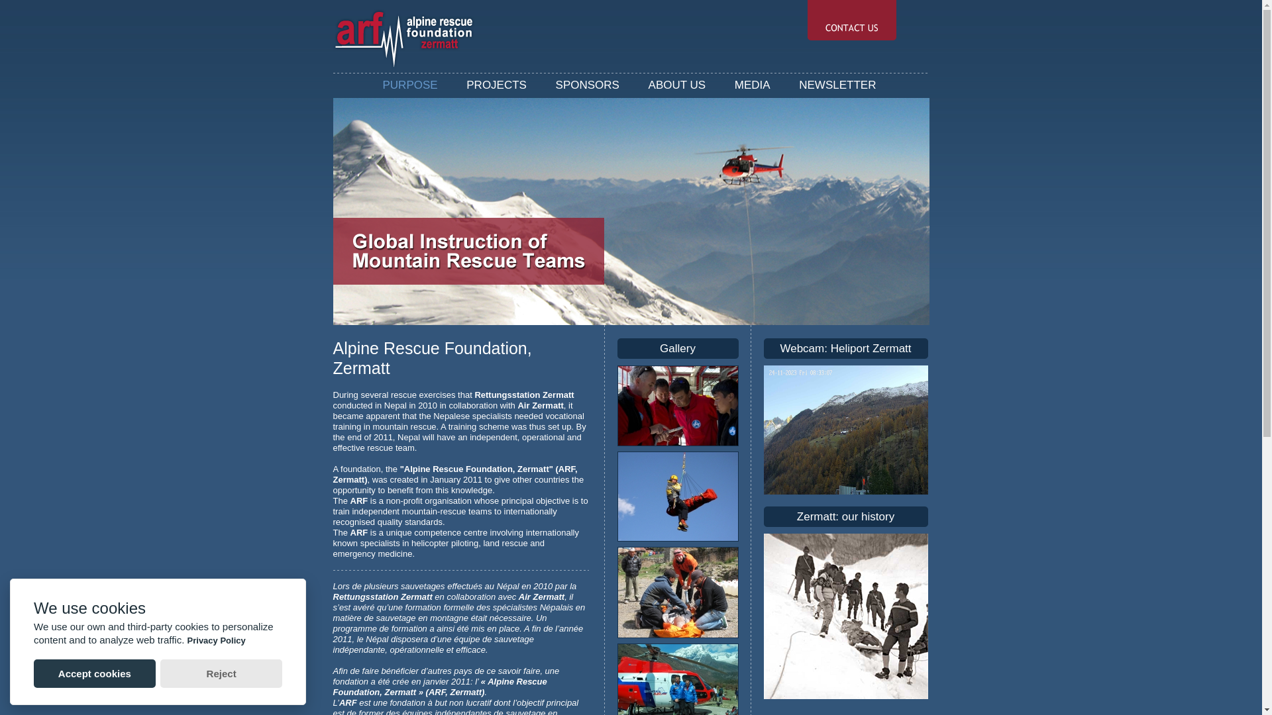 This screenshot has width=1272, height=715. What do you see at coordinates (382, 85) in the screenshot?
I see `'PURPOSE'` at bounding box center [382, 85].